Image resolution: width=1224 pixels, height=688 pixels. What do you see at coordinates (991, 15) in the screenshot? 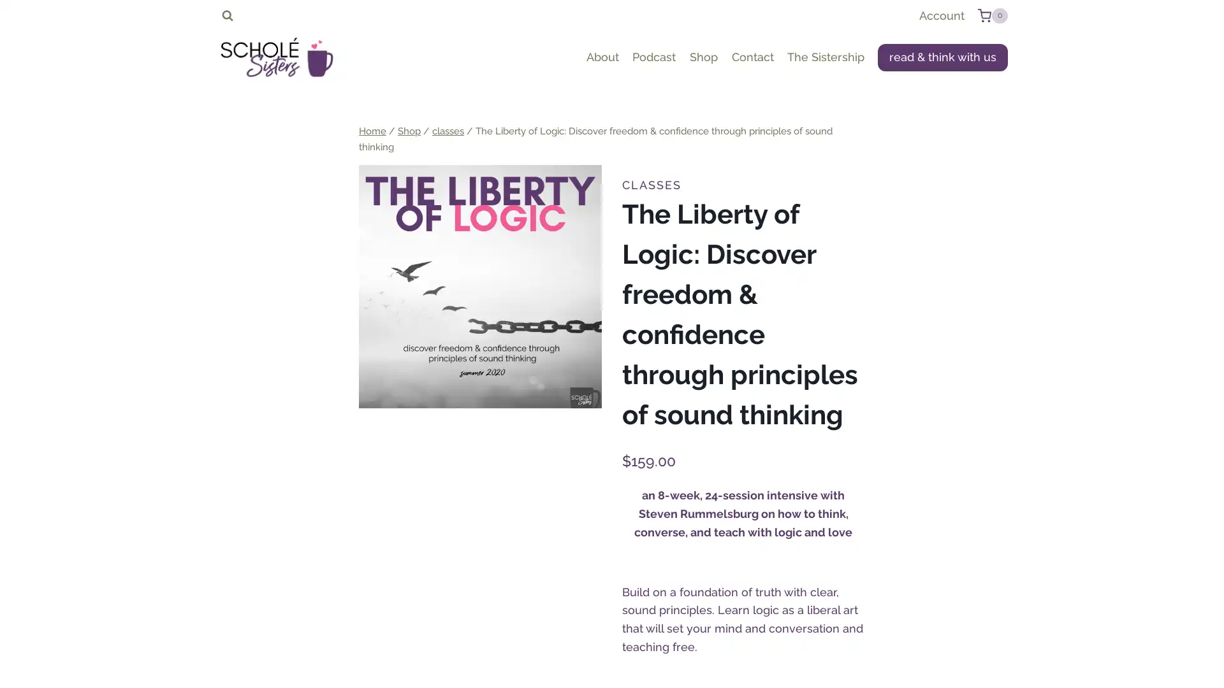
I see `Shopping Cart` at bounding box center [991, 15].